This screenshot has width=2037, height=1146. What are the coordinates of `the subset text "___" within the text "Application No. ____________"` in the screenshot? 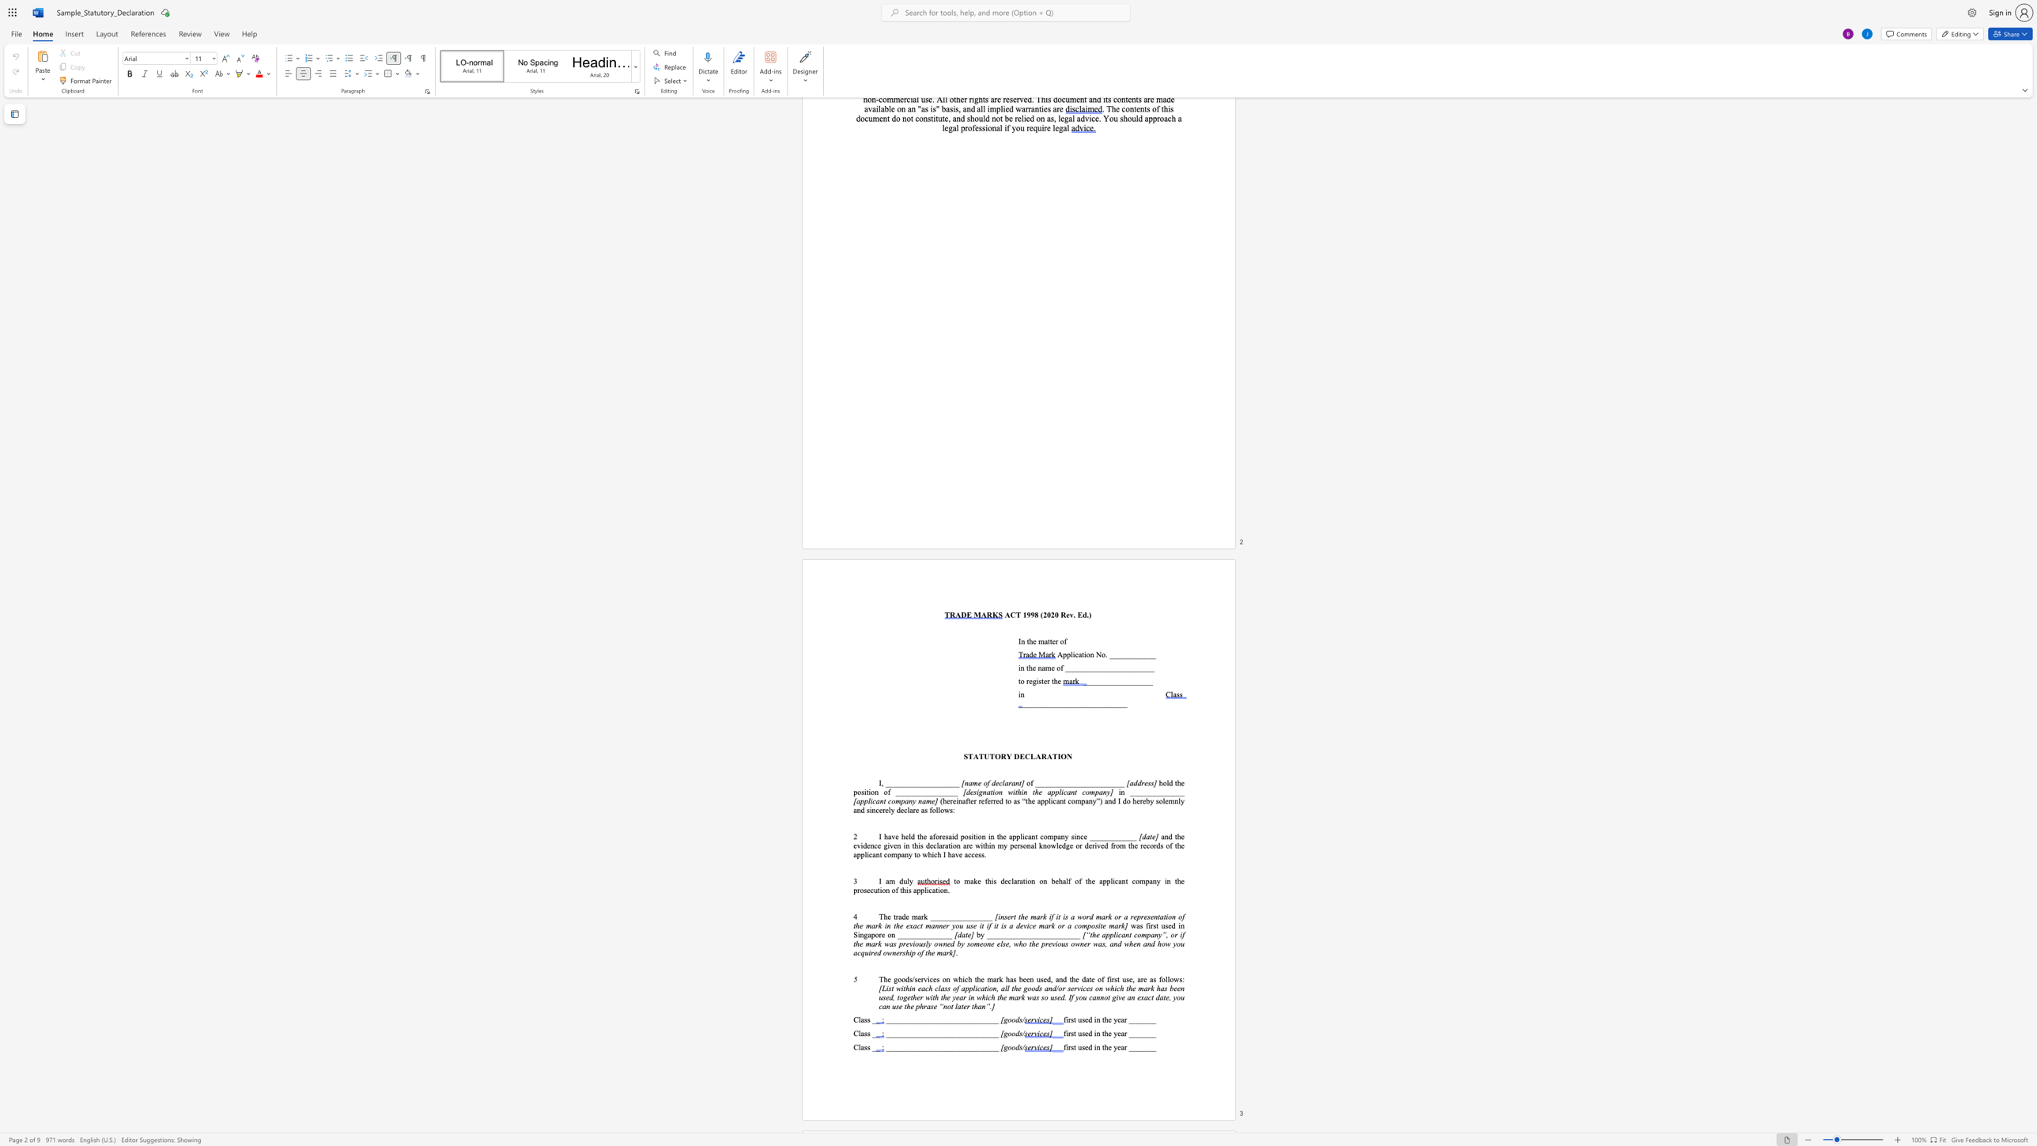 It's located at (1144, 653).